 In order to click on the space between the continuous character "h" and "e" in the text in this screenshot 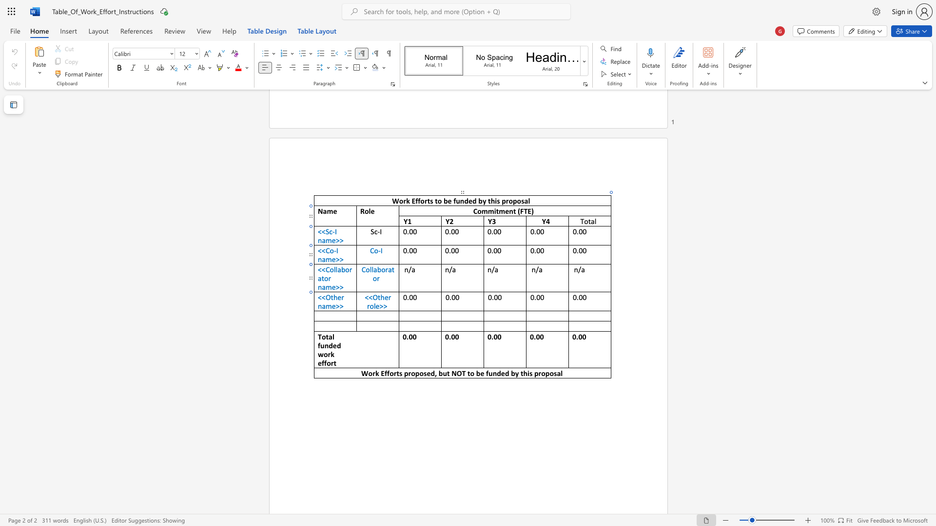, I will do `click(384, 297)`.